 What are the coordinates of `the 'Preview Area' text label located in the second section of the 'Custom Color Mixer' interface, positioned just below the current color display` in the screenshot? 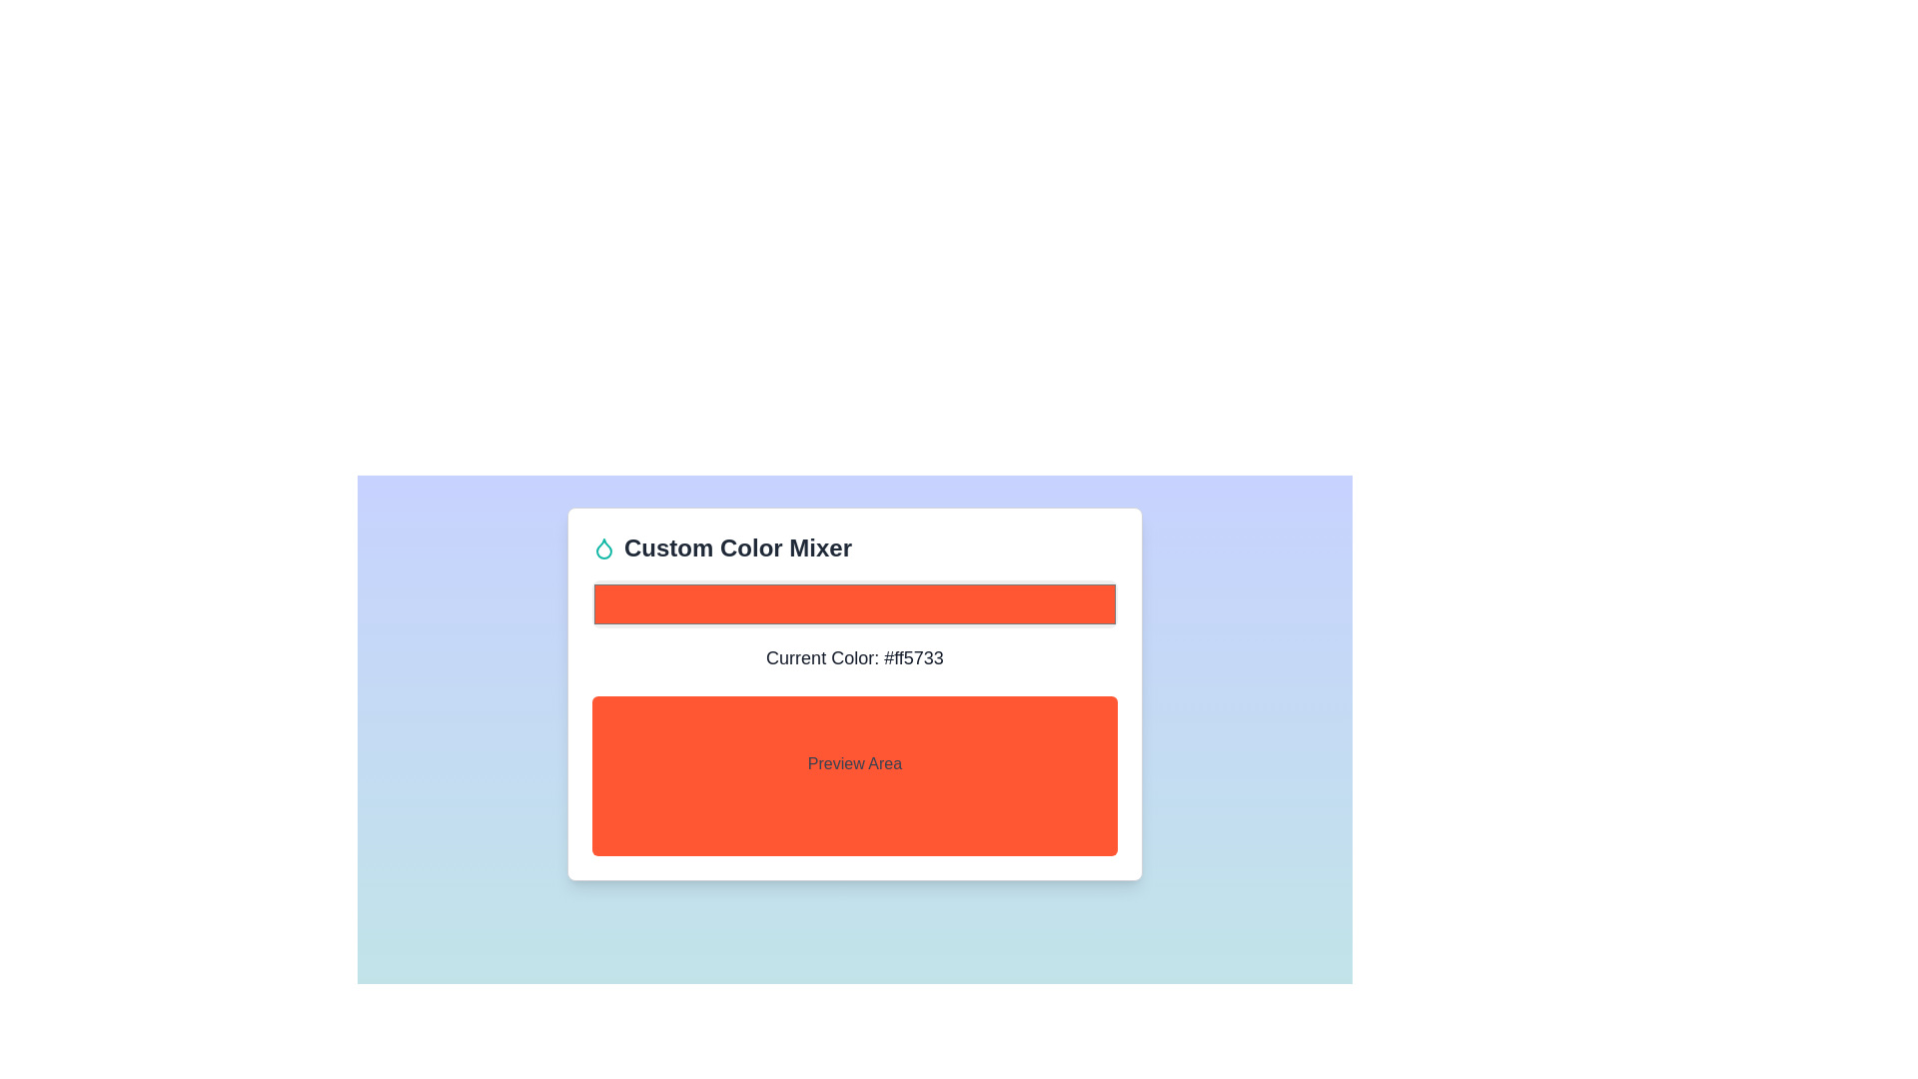 It's located at (854, 763).